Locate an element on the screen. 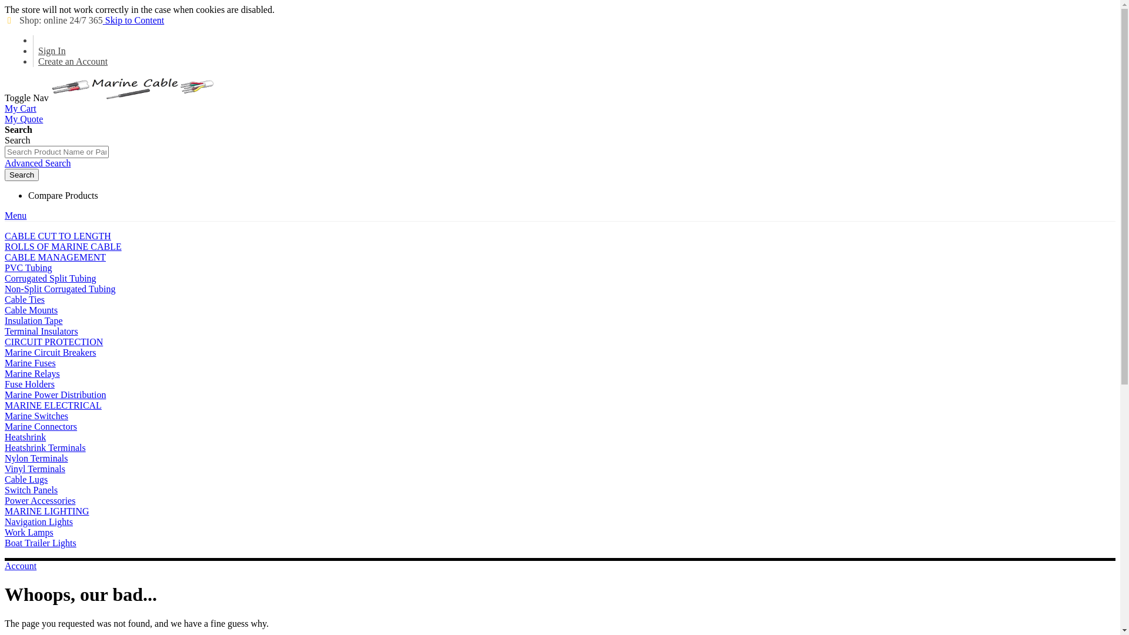 The width and height of the screenshot is (1129, 635). 'Non-Split Corrugated Tubing' is located at coordinates (59, 289).